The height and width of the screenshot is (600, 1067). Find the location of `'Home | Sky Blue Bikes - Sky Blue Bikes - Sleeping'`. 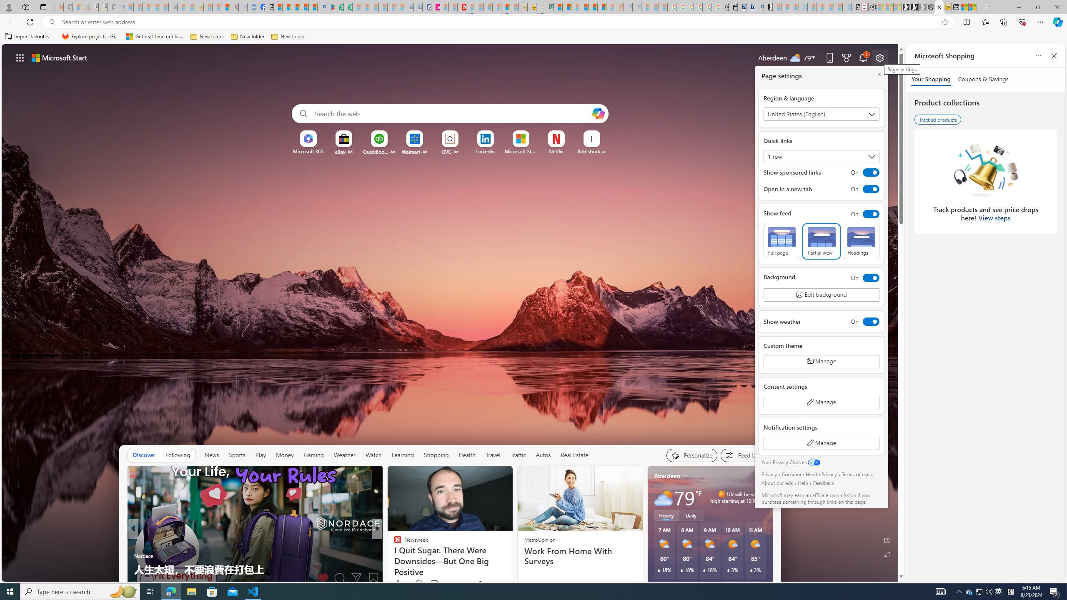

'Home | Sky Blue Bikes - Sky Blue Bikes - Sleeping' is located at coordinates (846, 7).